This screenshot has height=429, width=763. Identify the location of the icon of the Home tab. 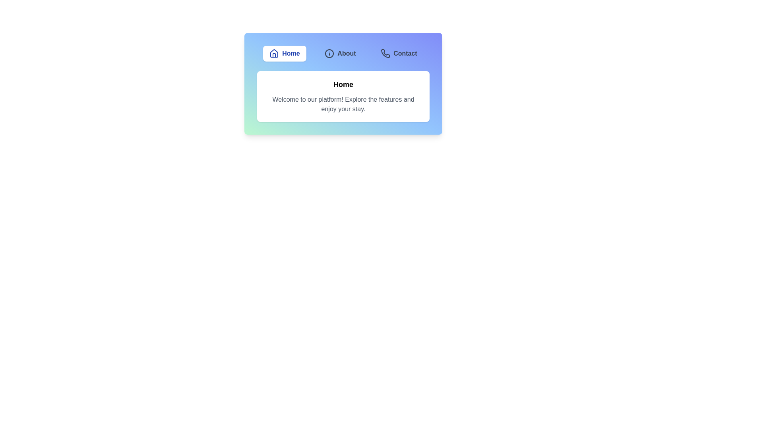
(274, 54).